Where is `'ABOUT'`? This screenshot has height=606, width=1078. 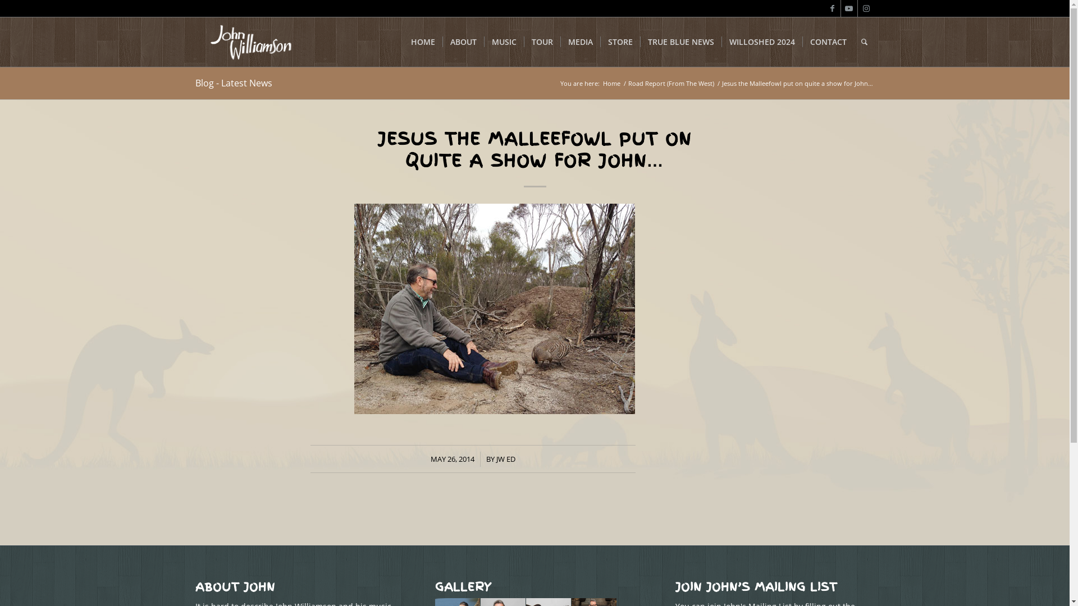 'ABOUT' is located at coordinates (463, 41).